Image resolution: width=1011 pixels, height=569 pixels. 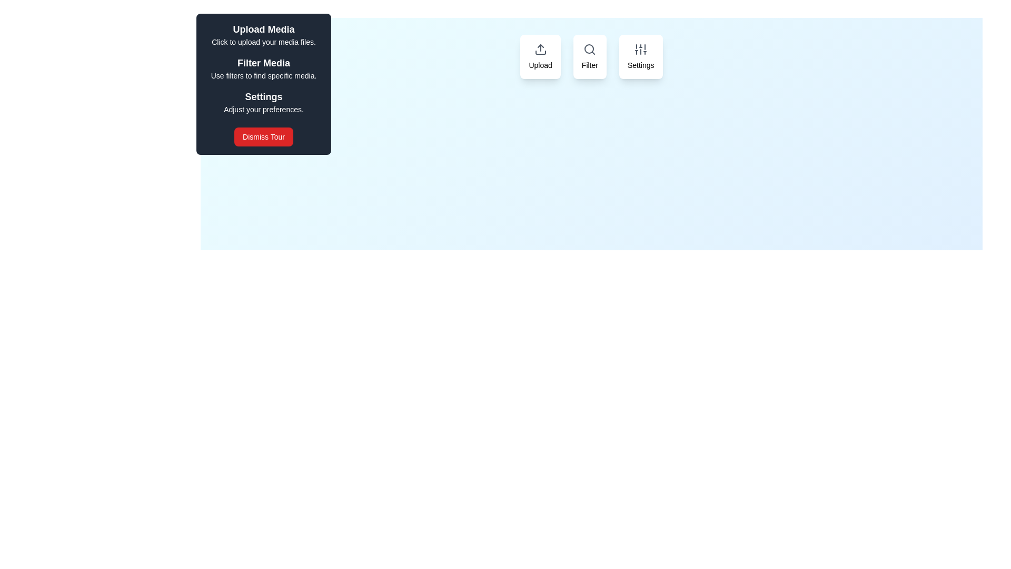 What do you see at coordinates (263, 110) in the screenshot?
I see `the text element displaying 'Adjust your preferences.' which is located below the 'Settings' title in the left panel of the interface` at bounding box center [263, 110].